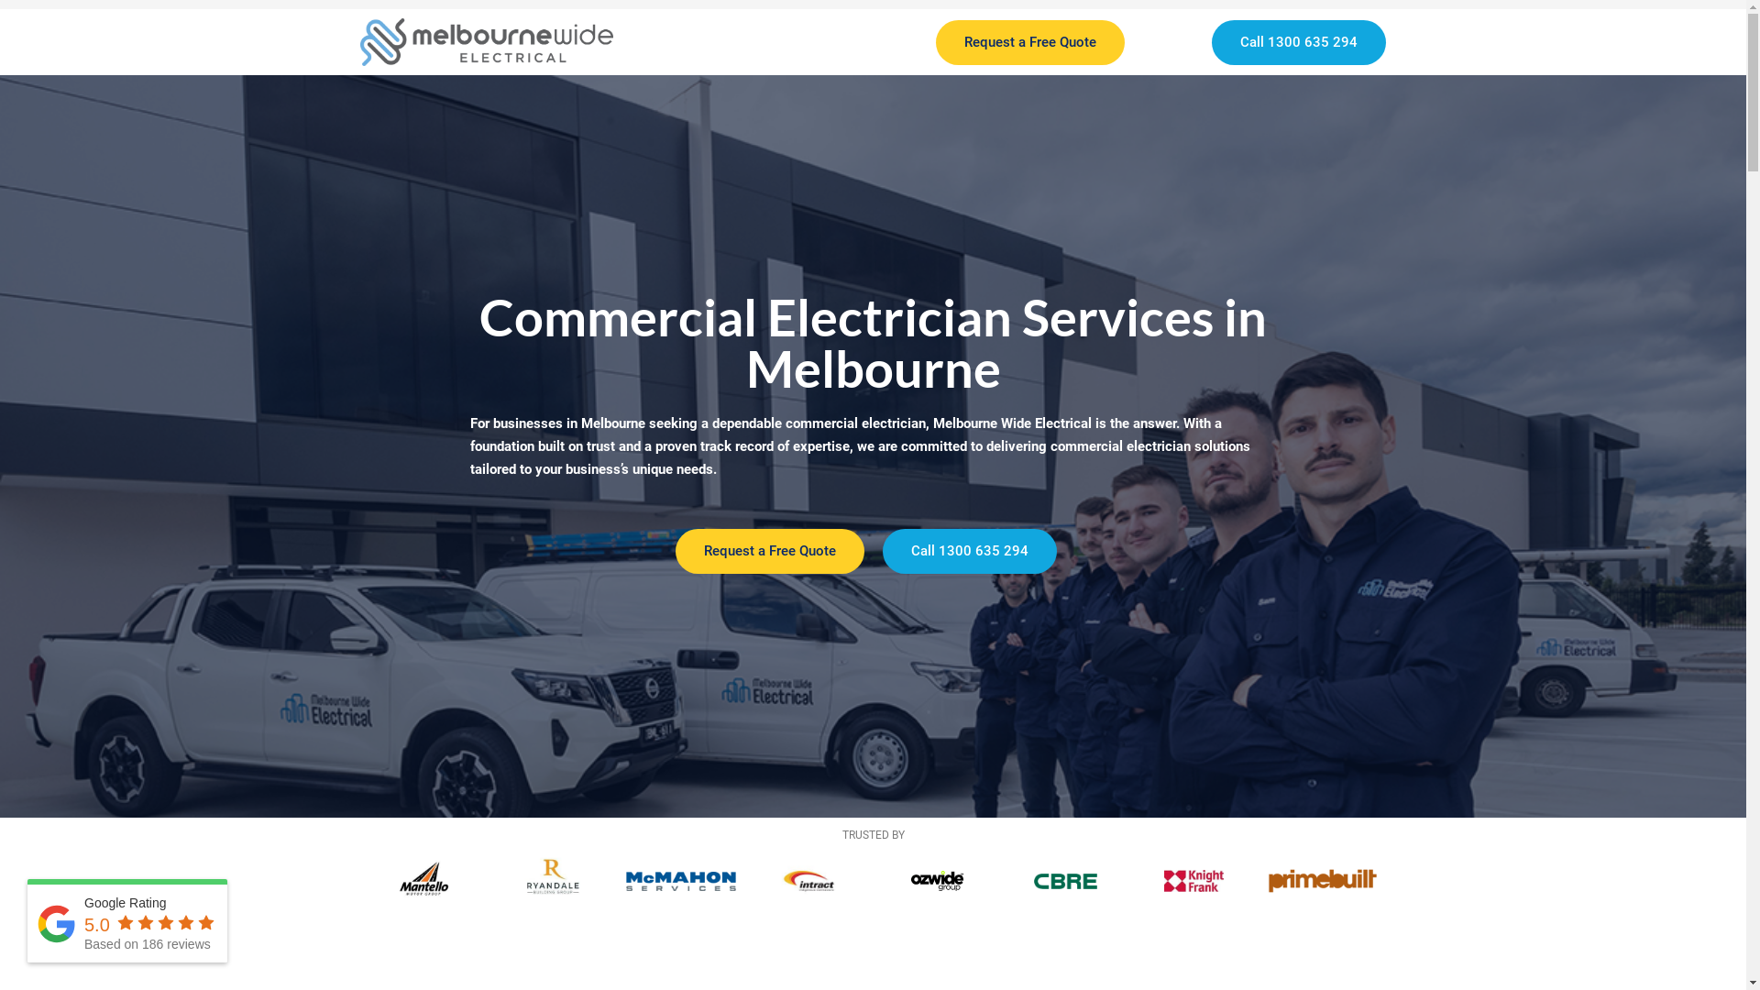 The height and width of the screenshot is (990, 1760). Describe the element at coordinates (967, 550) in the screenshot. I see `'Call 1300 635 294'` at that location.